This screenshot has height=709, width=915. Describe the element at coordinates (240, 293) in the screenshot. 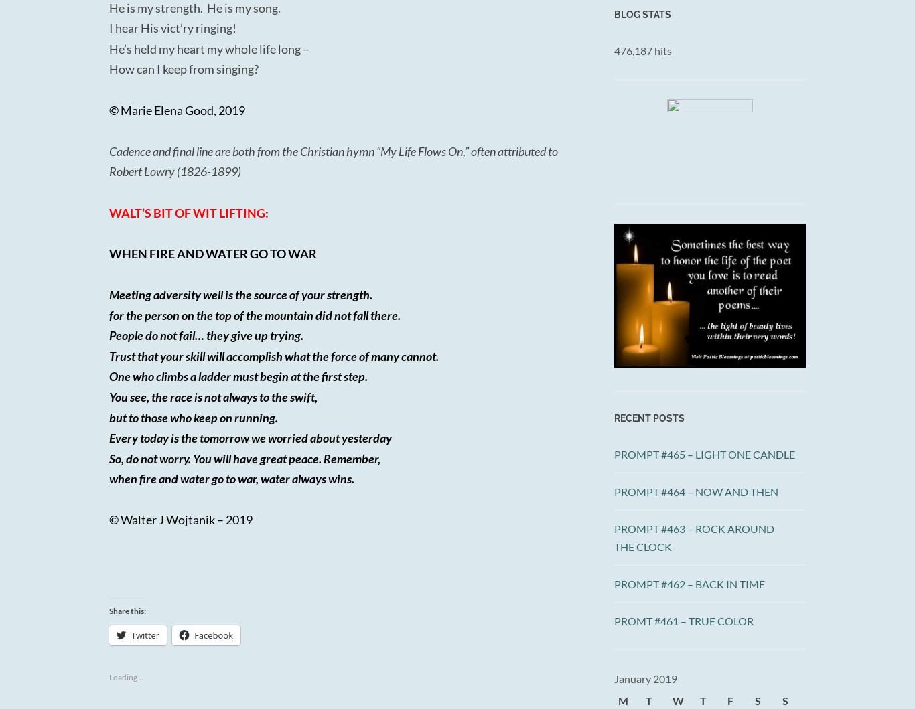

I see `'Meeting adversity well is the source of your strength.'` at that location.